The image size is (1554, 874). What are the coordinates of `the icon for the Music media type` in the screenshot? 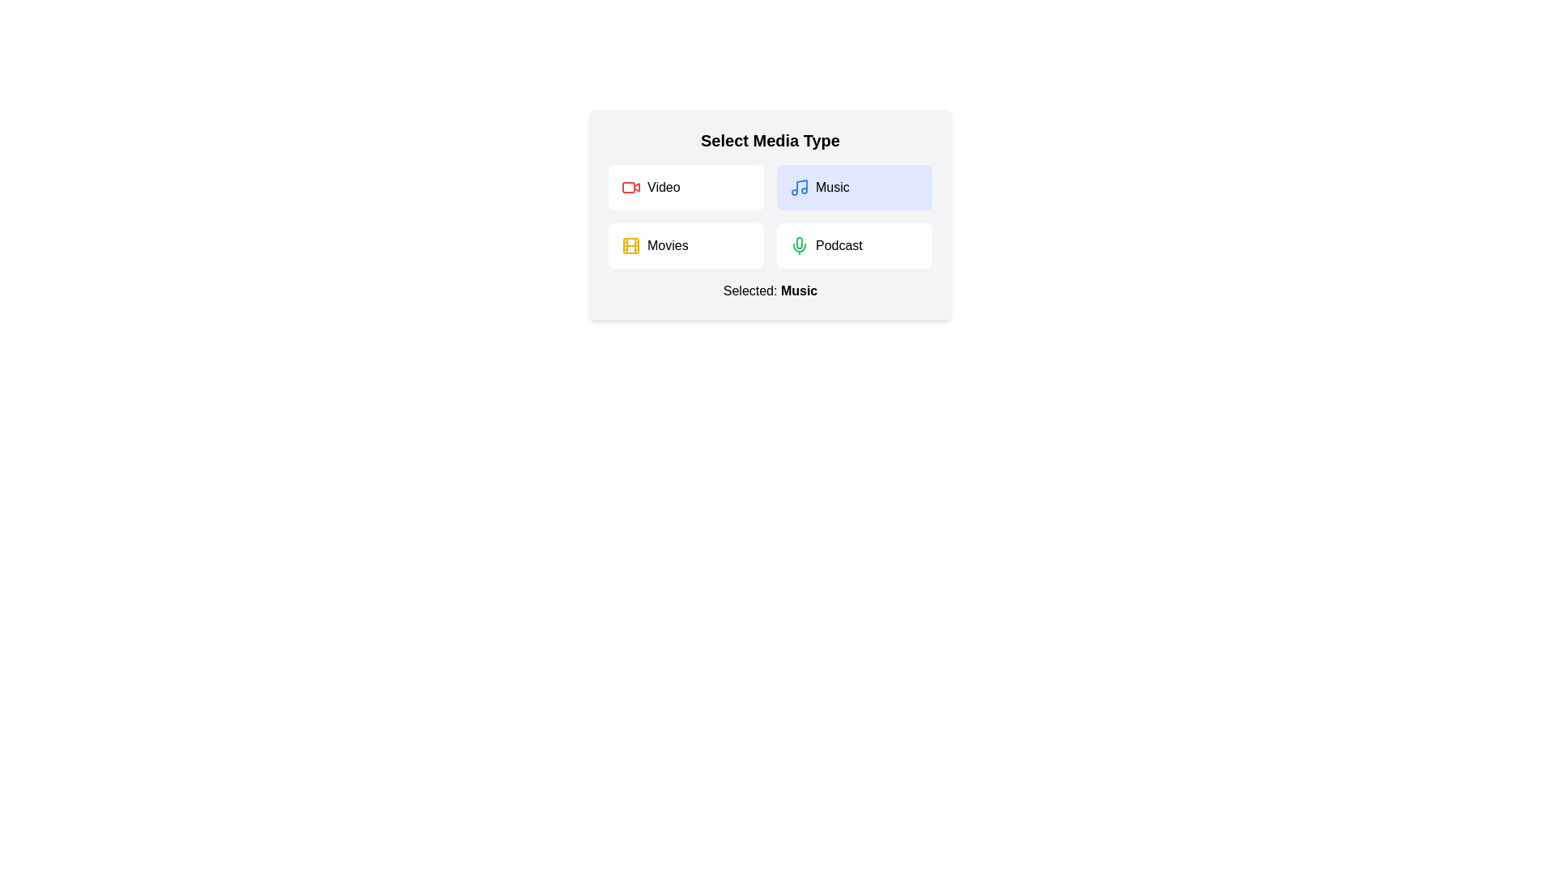 It's located at (800, 186).